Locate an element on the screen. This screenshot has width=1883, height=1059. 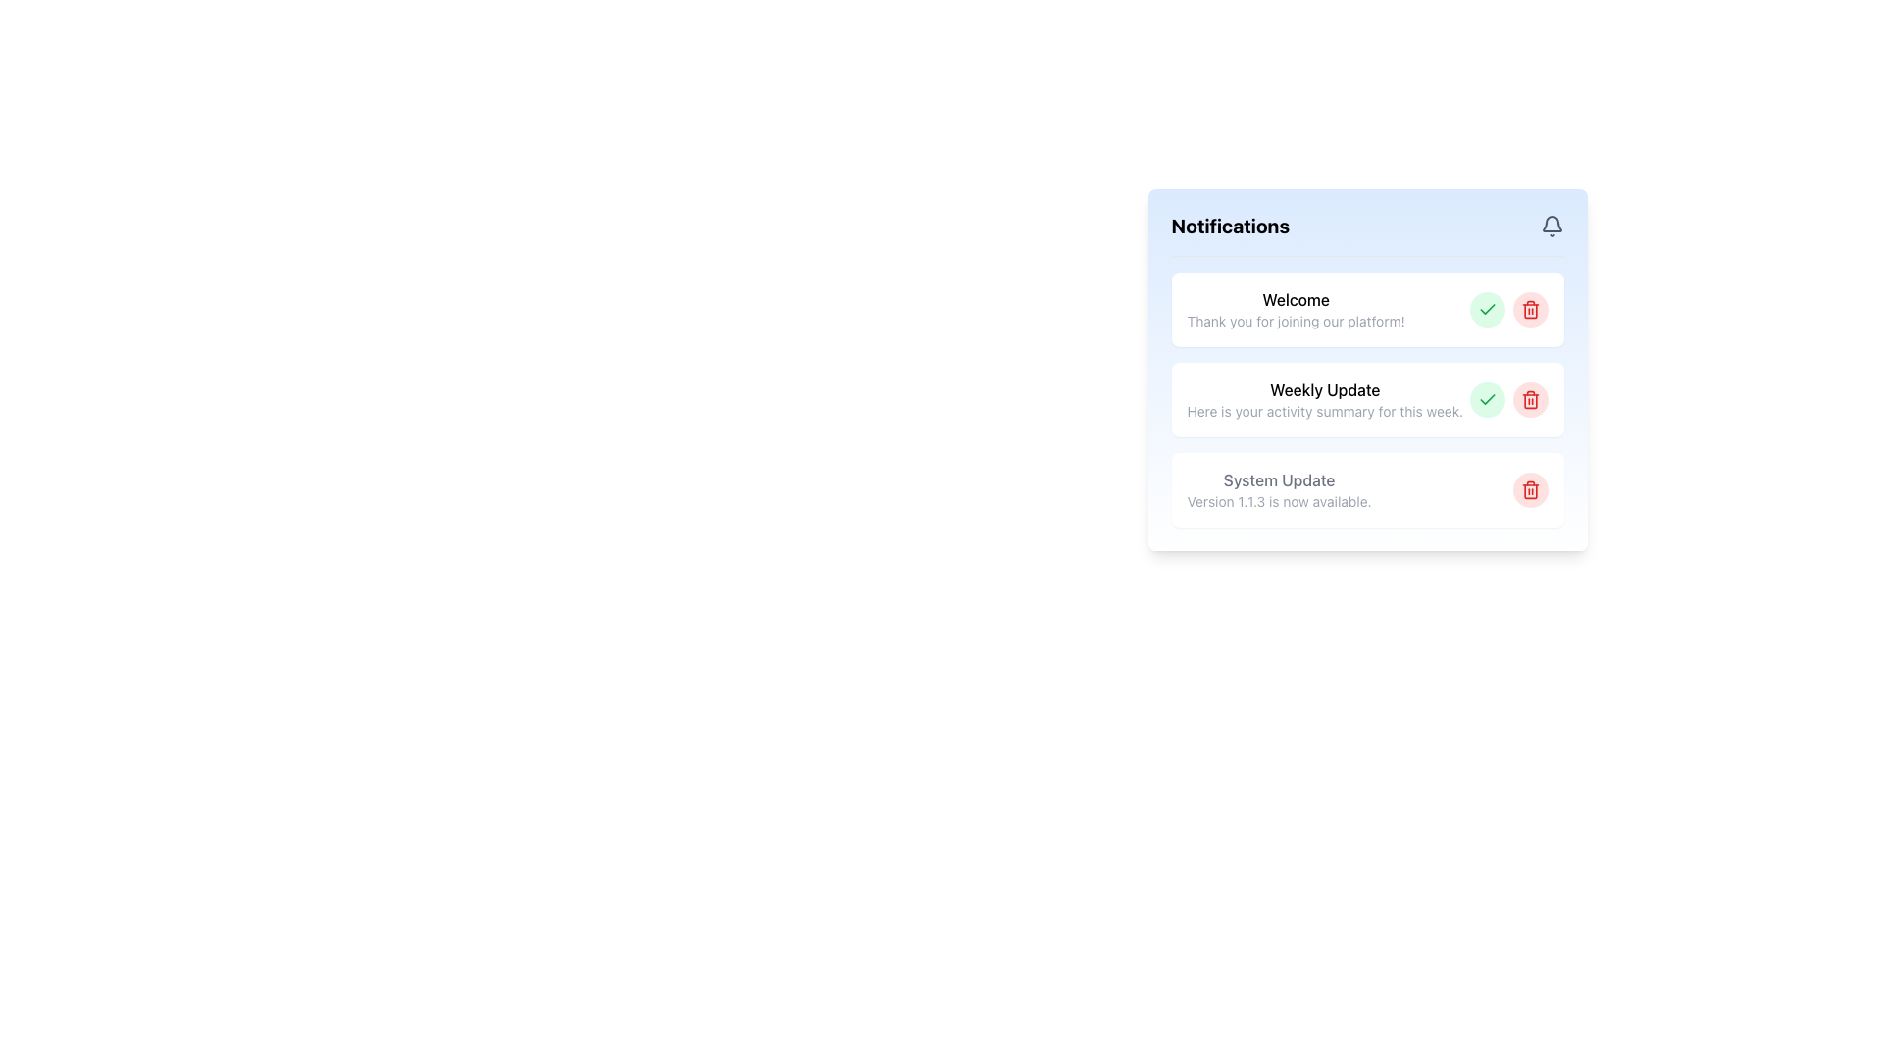
the confirmation icon located at the far right of the first notification entry, aligned with the title 'Welcome' is located at coordinates (1487, 398).